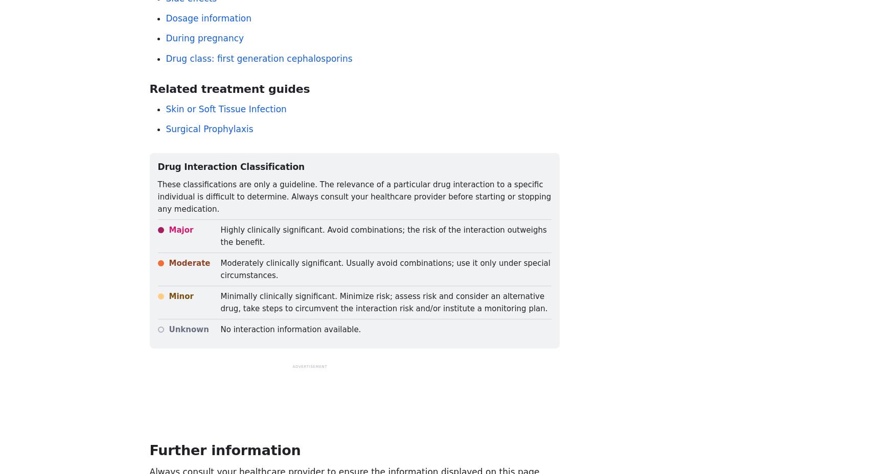  I want to click on 'Unknown', so click(189, 329).